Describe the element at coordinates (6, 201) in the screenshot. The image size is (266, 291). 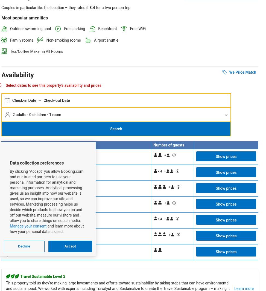
I see `'Standard Double Room'` at that location.